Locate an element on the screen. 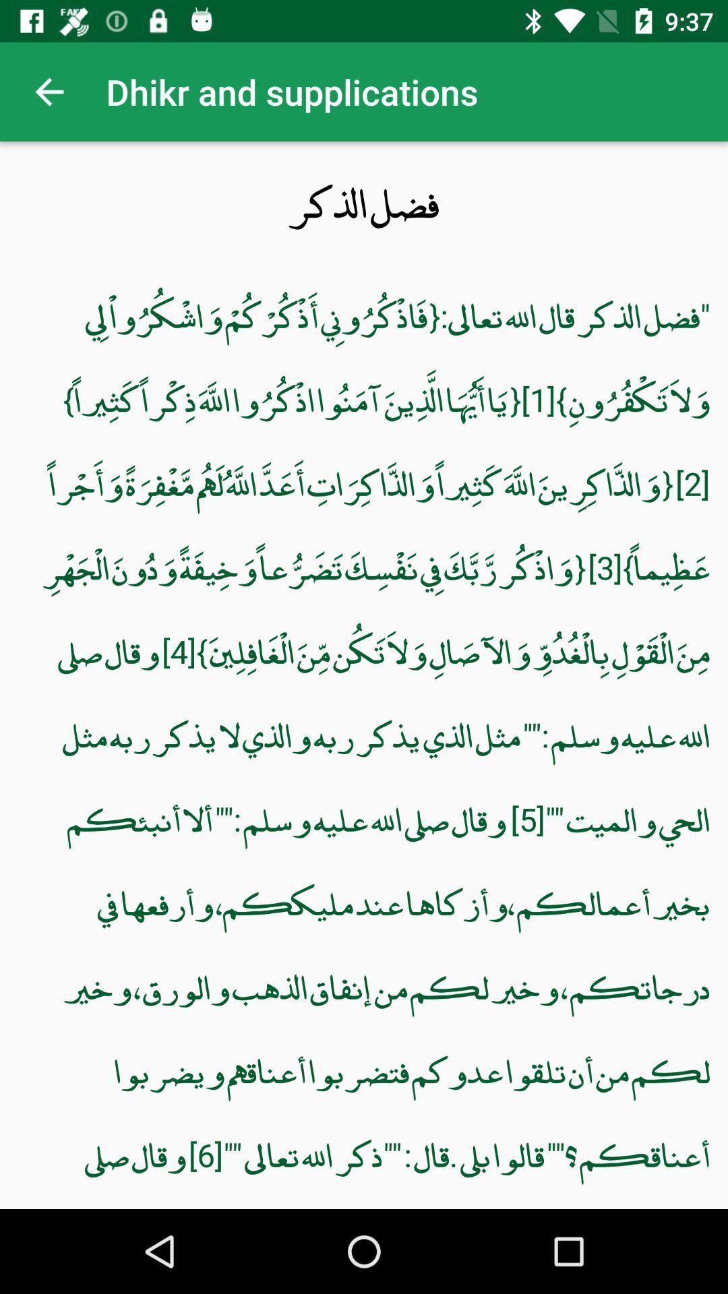 This screenshot has width=728, height=1294. the item to the left of the dhikr and supplications icon is located at coordinates (49, 91).